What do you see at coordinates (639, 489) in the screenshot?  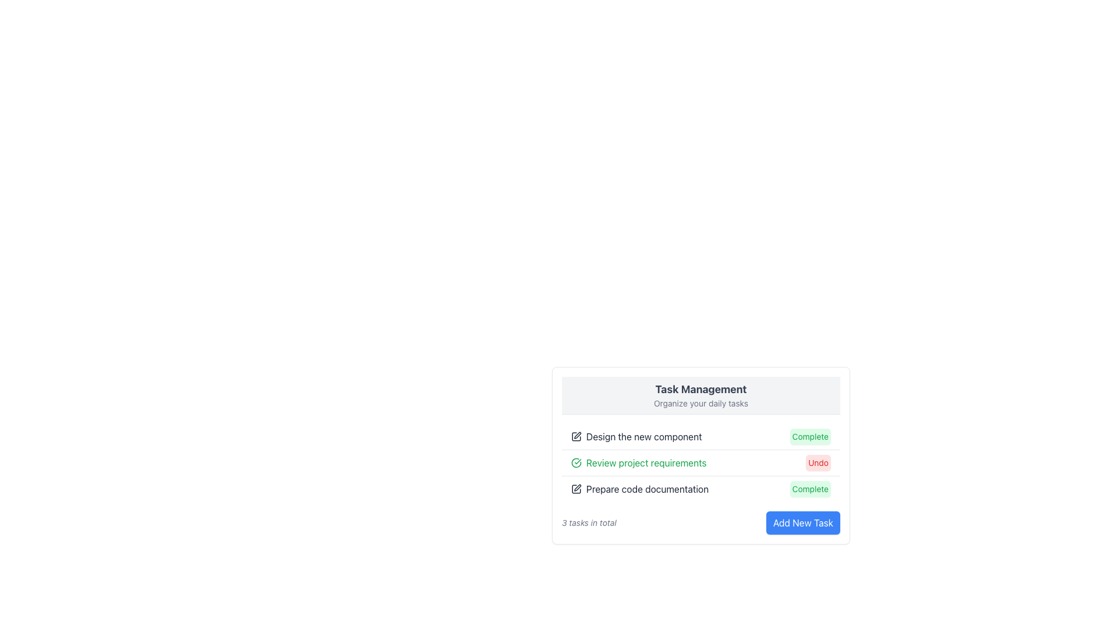 I see `text label 'Prepare code documentation' which is styled in dark gray and indicates importance, located in the third row of the task list under 'Task Management'` at bounding box center [639, 489].